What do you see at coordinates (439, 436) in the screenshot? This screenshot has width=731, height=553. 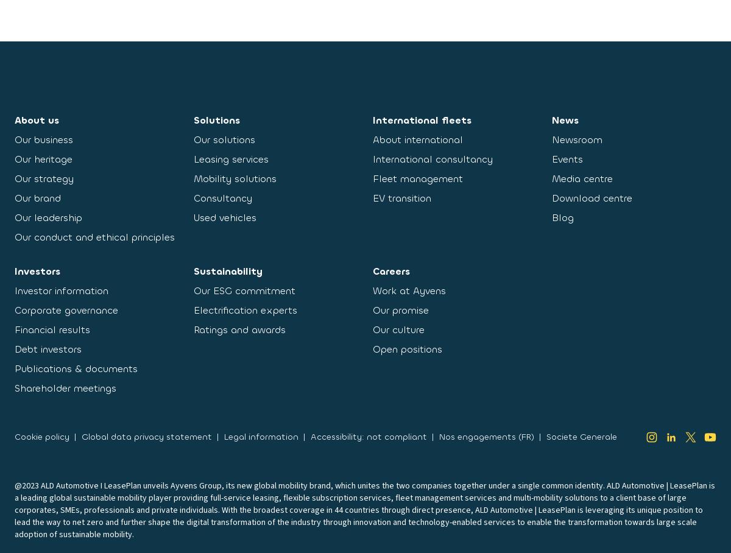 I see `'Nos engagements (FR)'` at bounding box center [439, 436].